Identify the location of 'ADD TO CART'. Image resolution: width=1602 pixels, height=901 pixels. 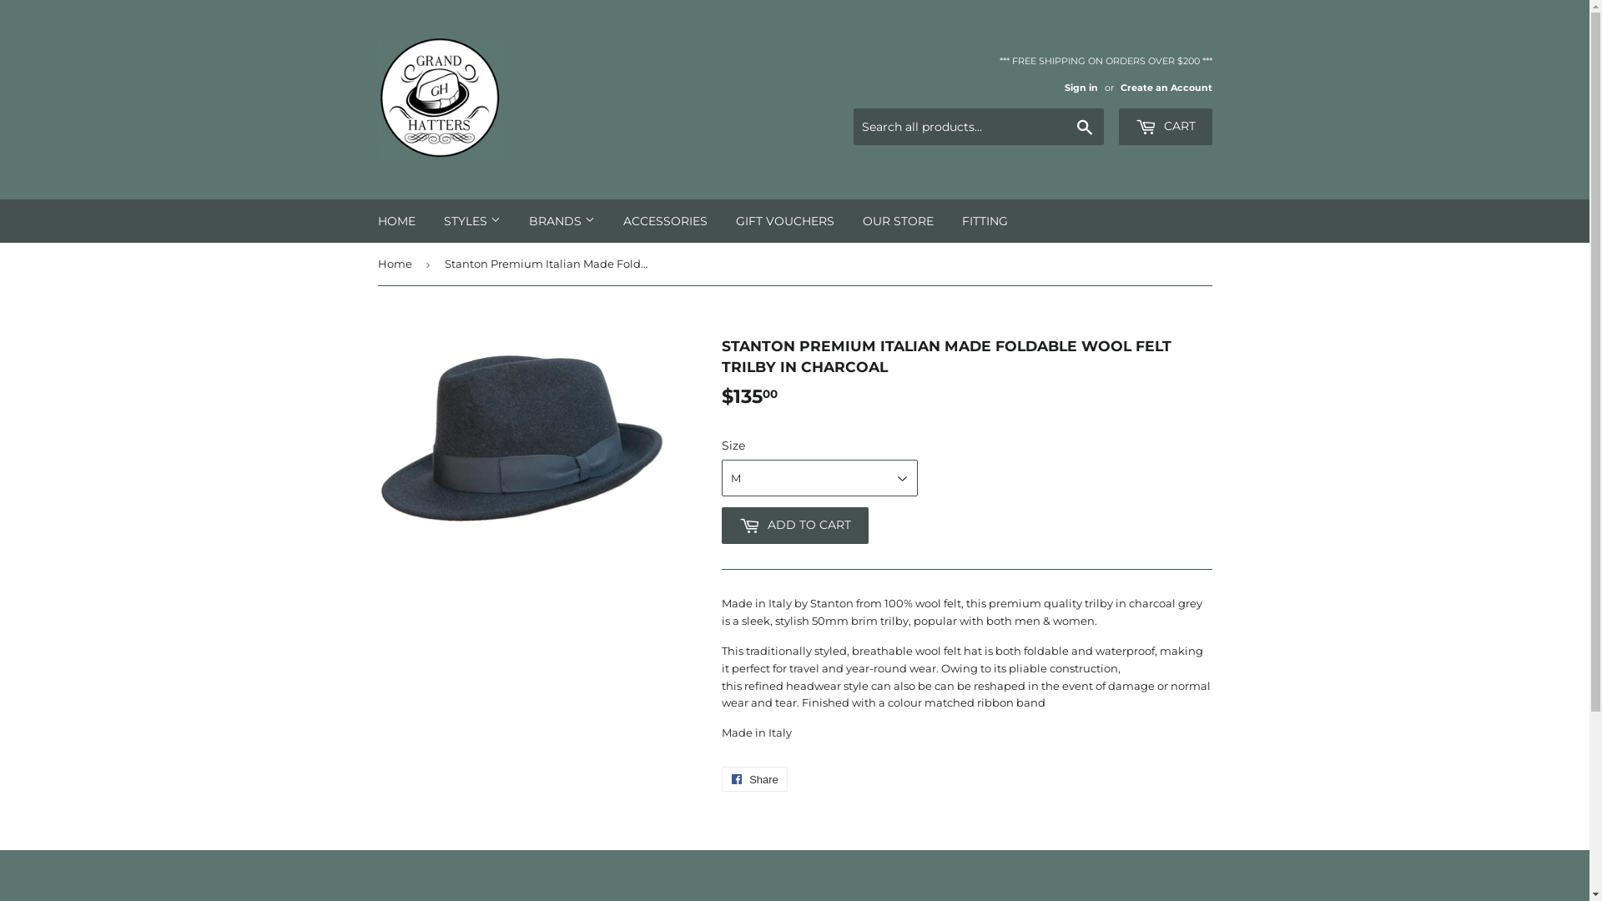
(793, 524).